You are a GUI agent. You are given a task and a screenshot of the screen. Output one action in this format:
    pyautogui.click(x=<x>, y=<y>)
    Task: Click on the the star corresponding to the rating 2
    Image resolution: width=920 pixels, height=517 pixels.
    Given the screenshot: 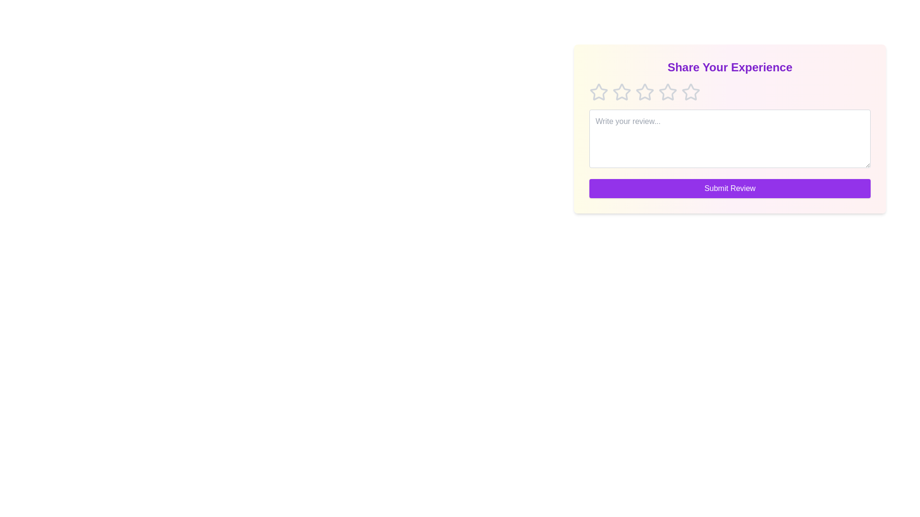 What is the action you would take?
    pyautogui.click(x=621, y=92)
    